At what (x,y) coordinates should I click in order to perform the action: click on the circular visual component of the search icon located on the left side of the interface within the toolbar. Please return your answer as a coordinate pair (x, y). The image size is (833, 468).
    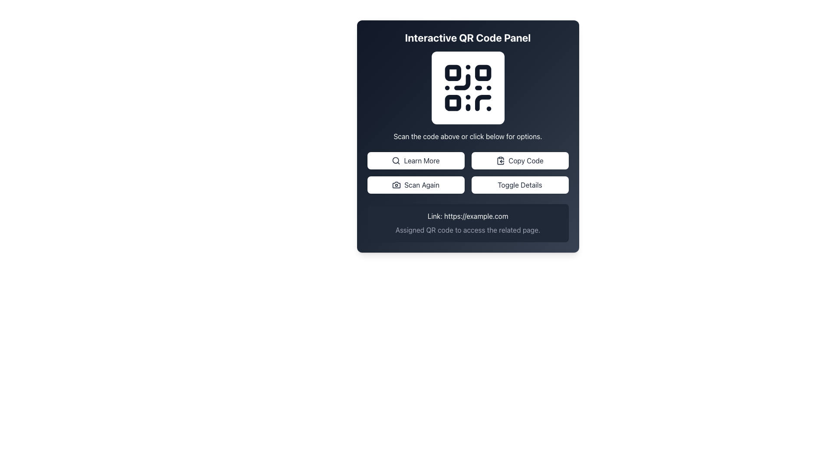
    Looking at the image, I should click on (395, 160).